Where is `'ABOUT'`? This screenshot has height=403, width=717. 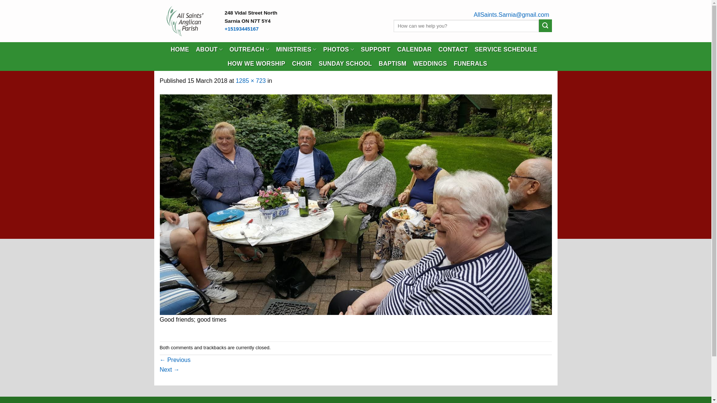 'ABOUT' is located at coordinates (209, 49).